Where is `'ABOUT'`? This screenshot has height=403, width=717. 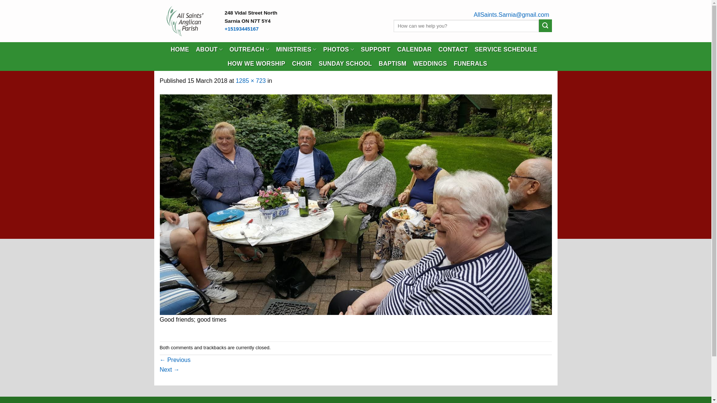 'ABOUT' is located at coordinates (209, 49).